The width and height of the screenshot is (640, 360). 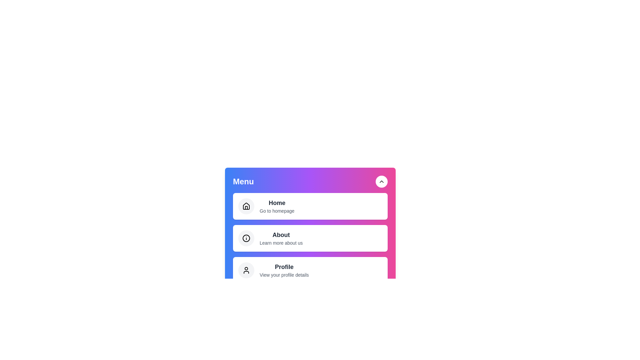 What do you see at coordinates (246, 206) in the screenshot?
I see `the icon corresponding to the menu item labeled 'Home'` at bounding box center [246, 206].